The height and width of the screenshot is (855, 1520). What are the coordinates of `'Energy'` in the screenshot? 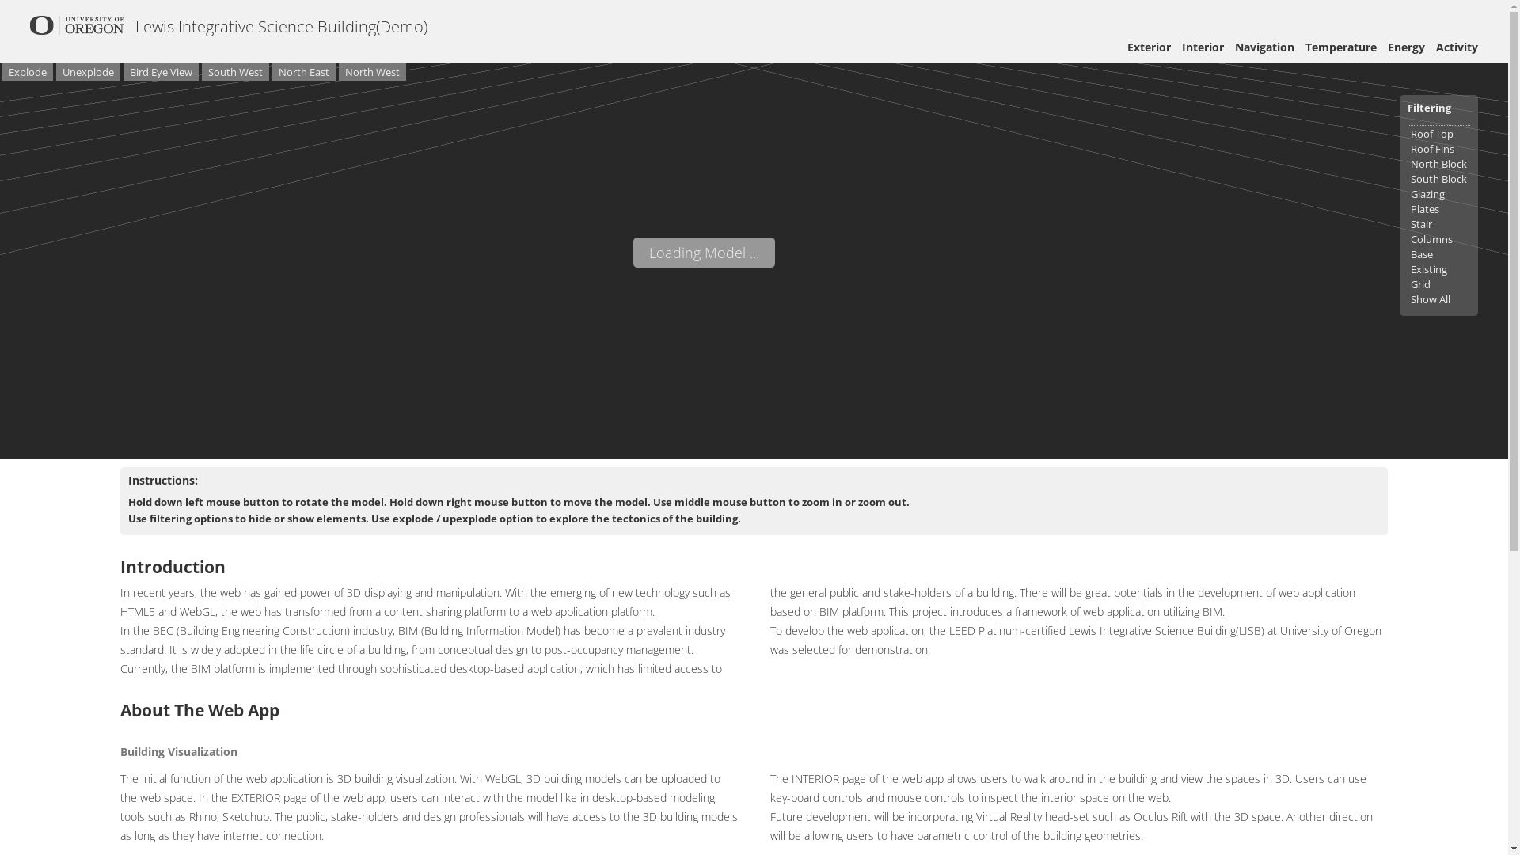 It's located at (1406, 46).